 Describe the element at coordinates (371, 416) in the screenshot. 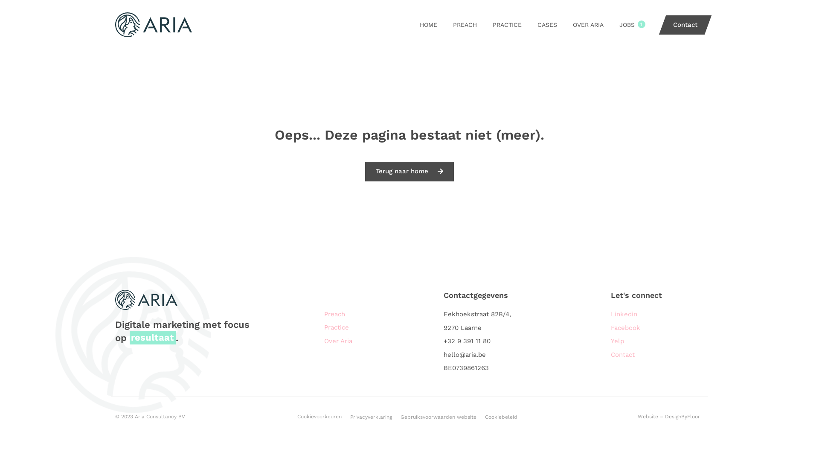

I see `'Privacyverklaring'` at that location.